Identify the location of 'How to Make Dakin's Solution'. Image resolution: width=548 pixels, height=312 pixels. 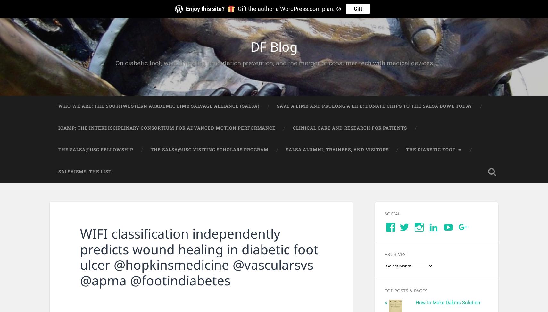
(447, 302).